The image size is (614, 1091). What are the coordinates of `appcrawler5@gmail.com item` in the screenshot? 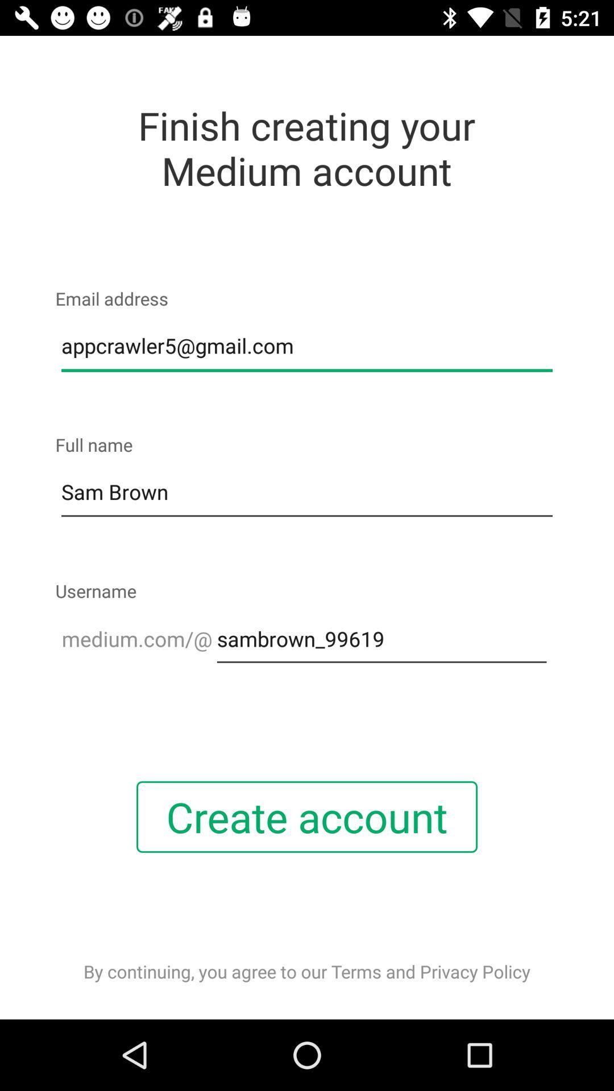 It's located at (307, 345).